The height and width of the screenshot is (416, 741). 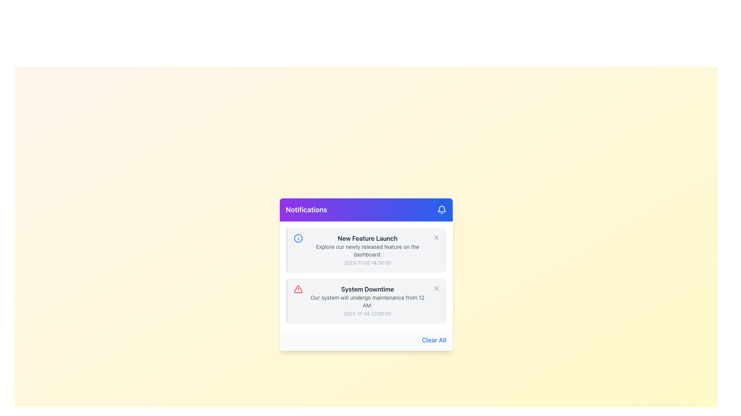 What do you see at coordinates (367, 238) in the screenshot?
I see `heading title text of the notification located at the top of the notification card in the notifications panel` at bounding box center [367, 238].